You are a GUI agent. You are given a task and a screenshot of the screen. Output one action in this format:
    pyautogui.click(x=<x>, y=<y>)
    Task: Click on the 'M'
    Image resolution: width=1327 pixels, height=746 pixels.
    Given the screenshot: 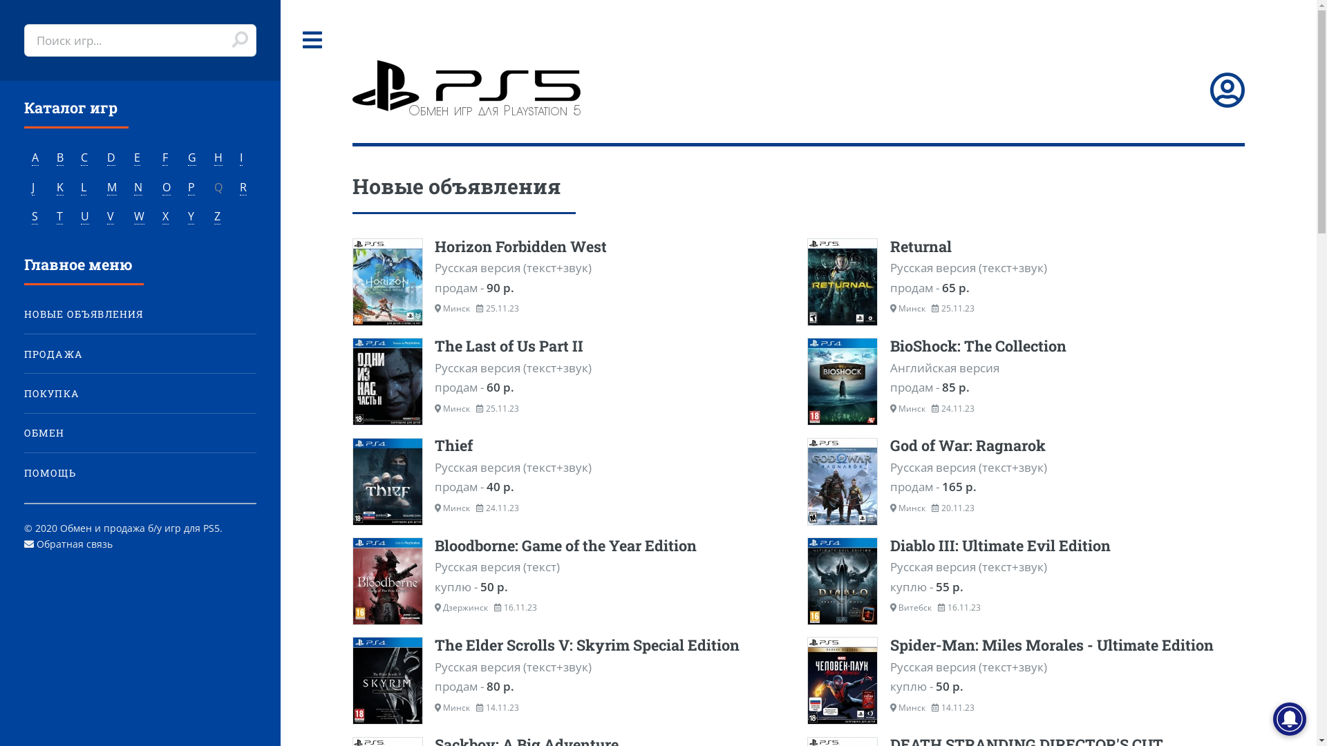 What is the action you would take?
    pyautogui.click(x=106, y=187)
    